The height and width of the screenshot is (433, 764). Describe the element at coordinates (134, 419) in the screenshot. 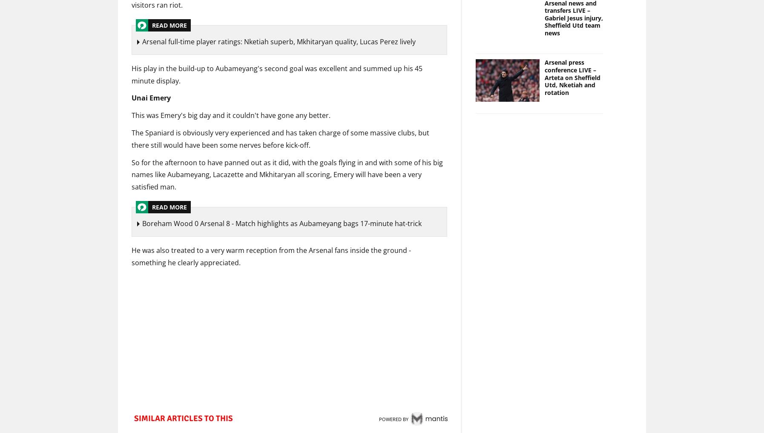

I see `'SIMILAR ARTICLES TO THIS'` at that location.